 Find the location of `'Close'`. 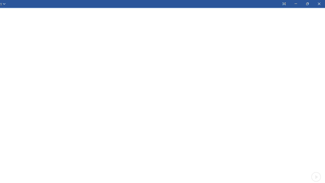

'Close' is located at coordinates (319, 4).